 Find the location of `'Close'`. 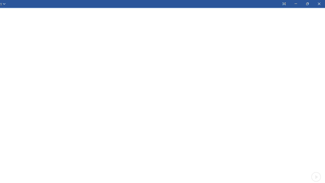

'Close' is located at coordinates (319, 4).